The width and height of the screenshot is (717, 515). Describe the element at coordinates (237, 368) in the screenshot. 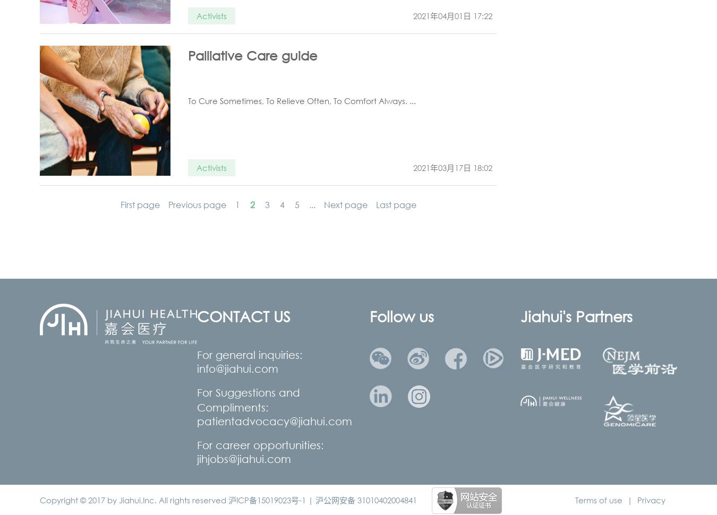

I see `'info@jiahui.com'` at that location.